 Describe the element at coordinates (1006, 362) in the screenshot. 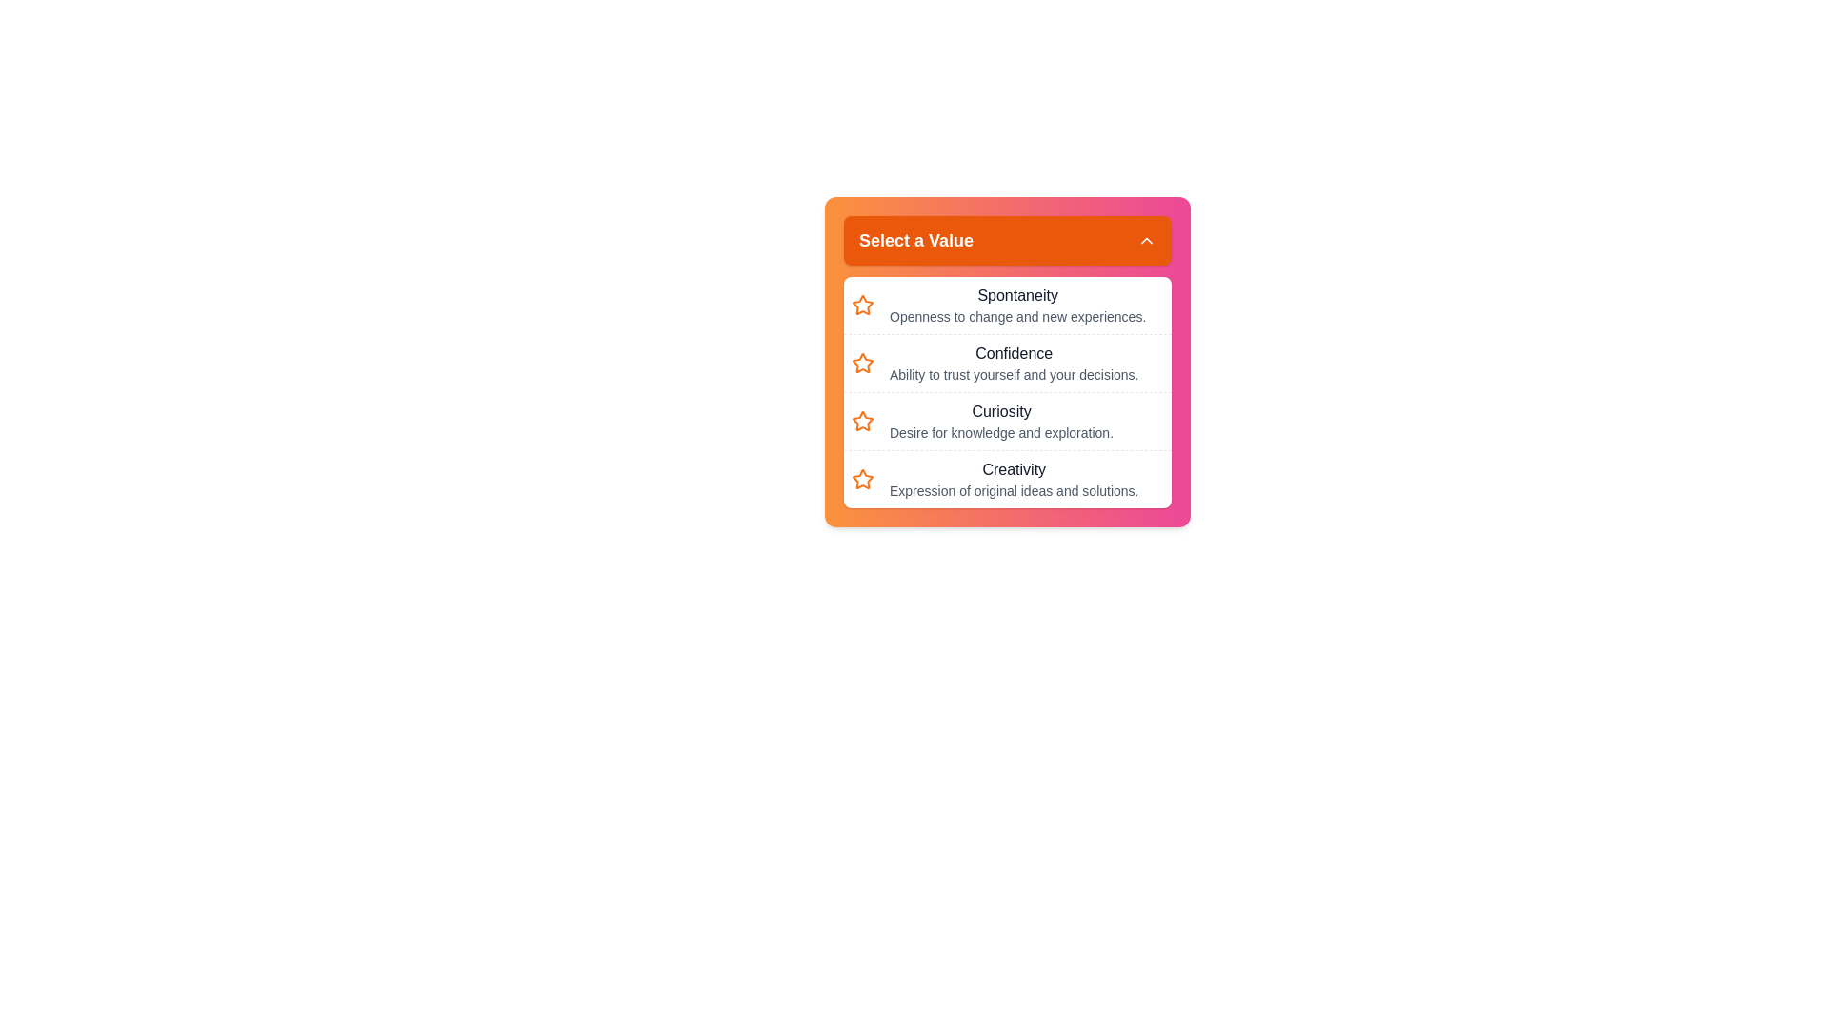

I see `the selectable list option labeled 'Confidence'` at that location.